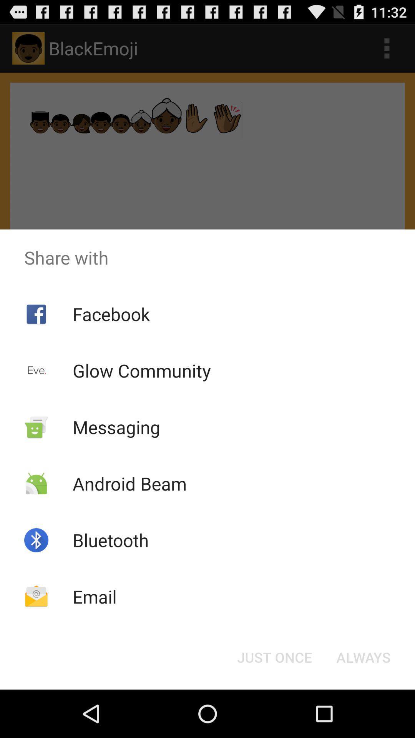 The image size is (415, 738). I want to click on email, so click(94, 596).